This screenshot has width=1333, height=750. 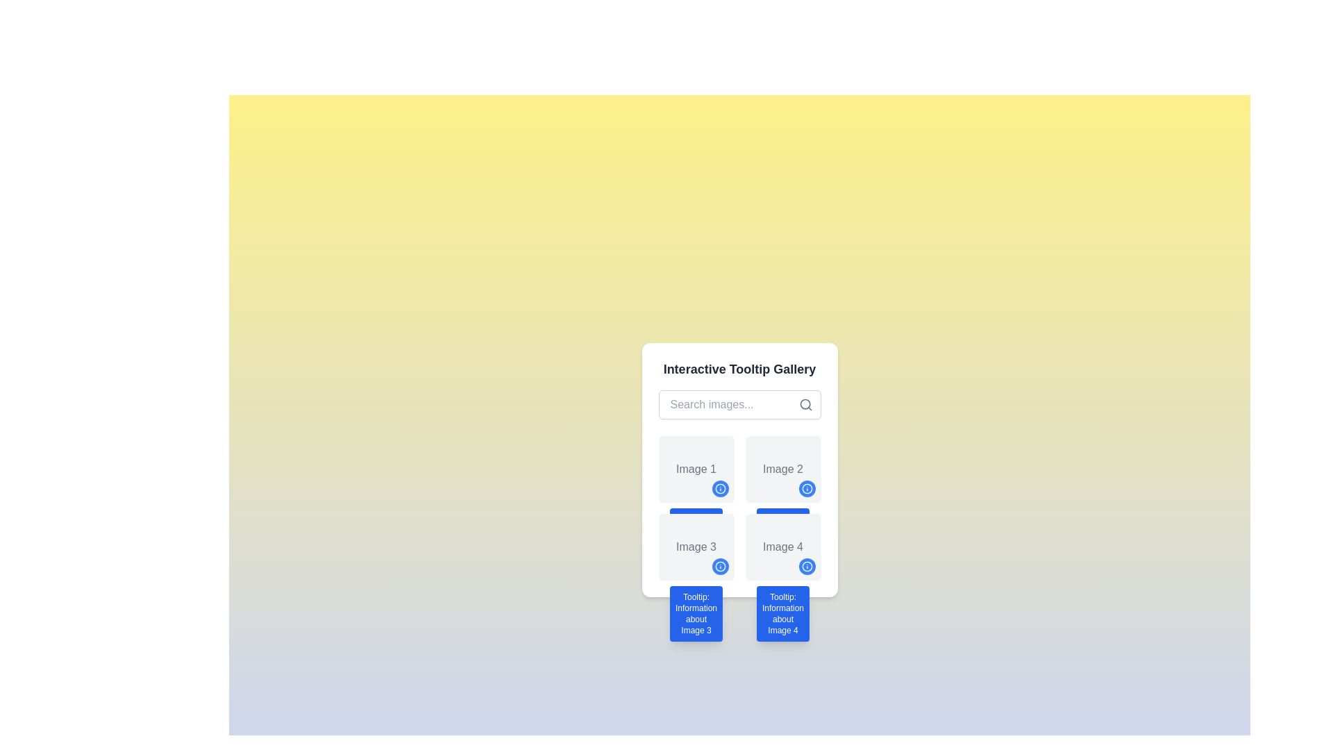 I want to click on the informational button with an 'i' icon located at the bottom-right corner of the Interactive gallery item labeled 'Image 4', so click(x=783, y=546).